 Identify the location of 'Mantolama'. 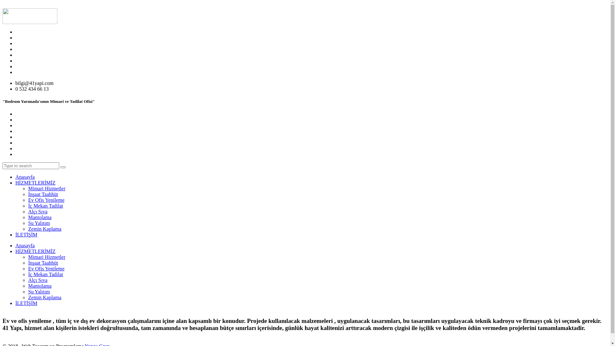
(39, 217).